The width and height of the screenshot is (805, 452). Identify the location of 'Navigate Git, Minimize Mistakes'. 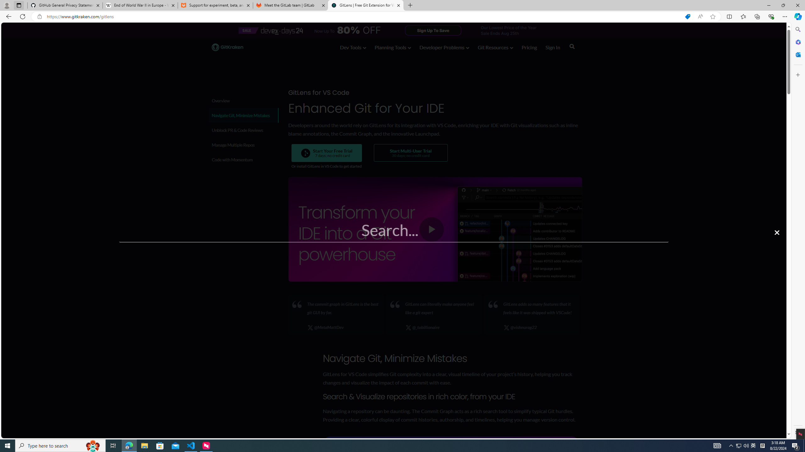
(243, 115).